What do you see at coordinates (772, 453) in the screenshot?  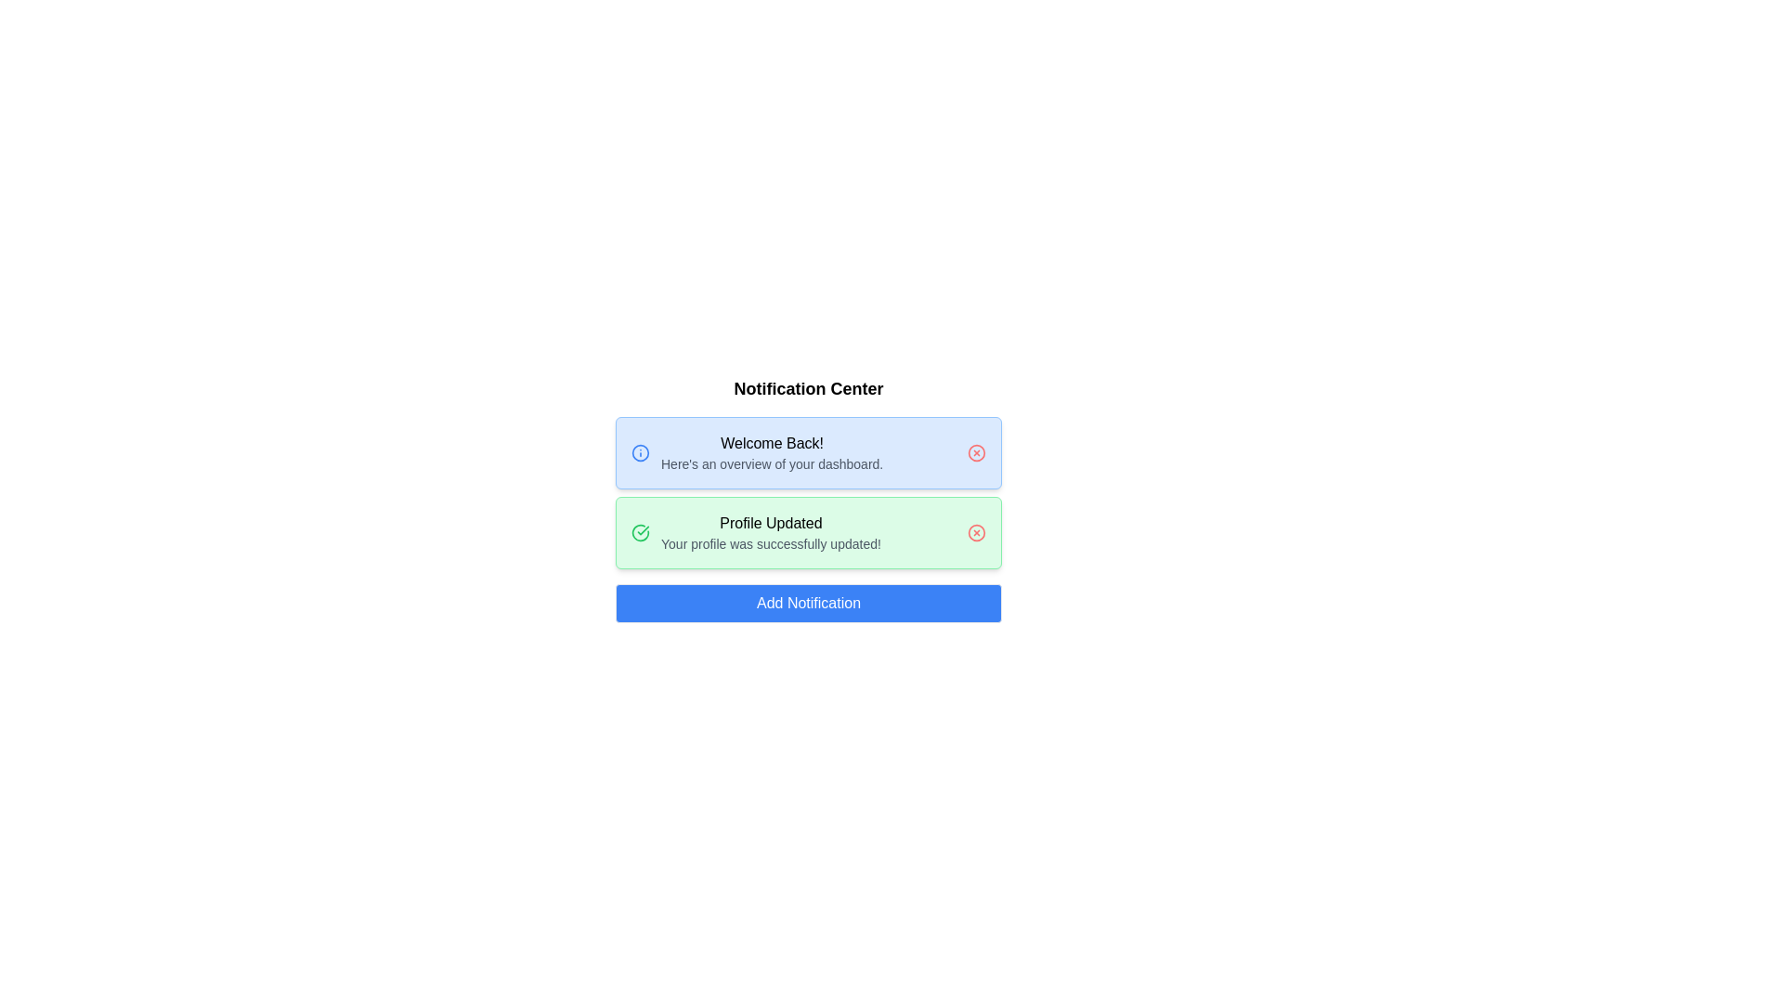 I see `text from the heading and descriptive text block that says 'Welcome Back! Here's an overview of your dashboard.' This element is located within the first notification card, positioned at the top section with a light blue background` at bounding box center [772, 453].